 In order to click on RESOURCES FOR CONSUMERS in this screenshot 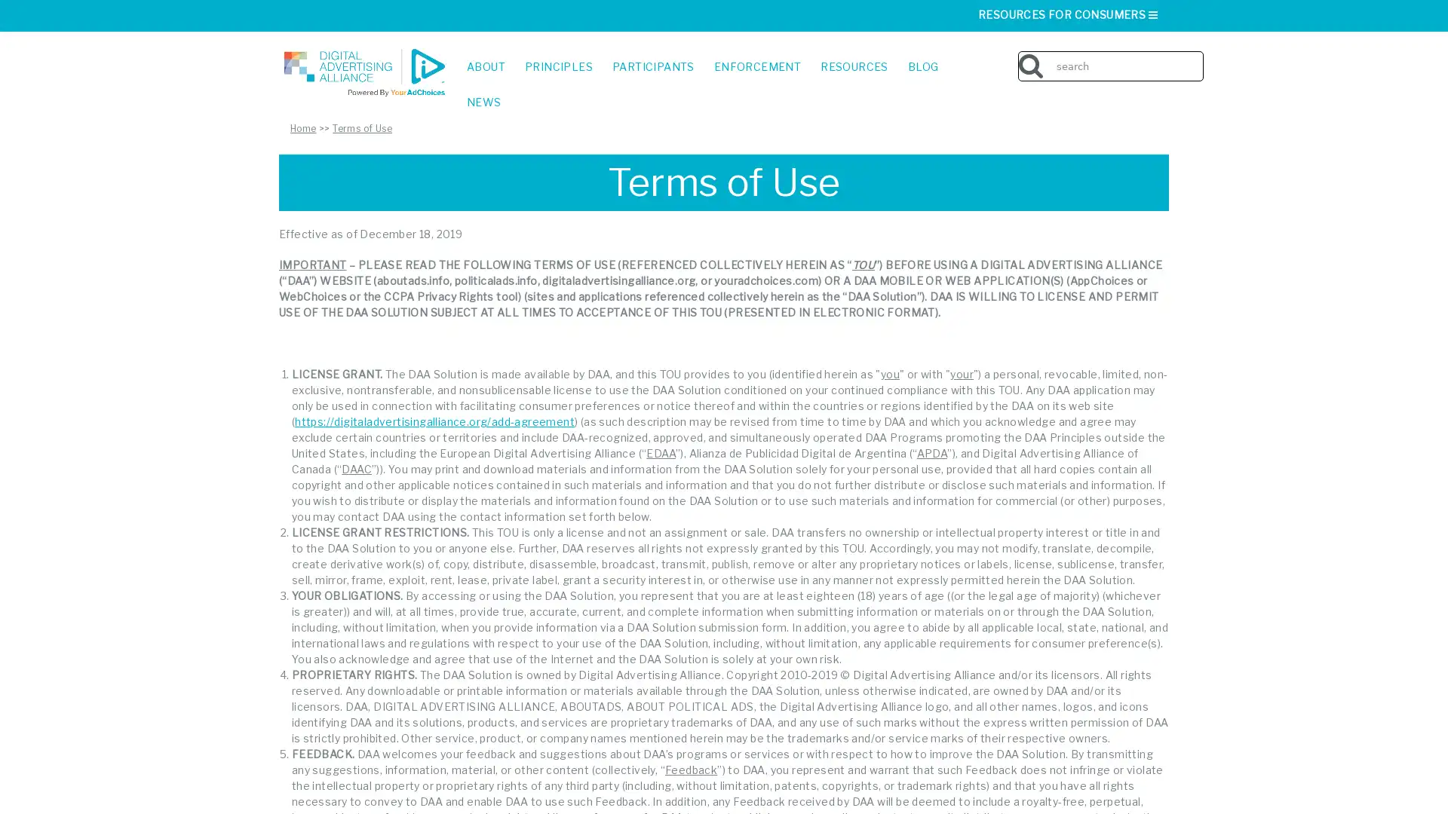, I will do `click(1068, 14)`.